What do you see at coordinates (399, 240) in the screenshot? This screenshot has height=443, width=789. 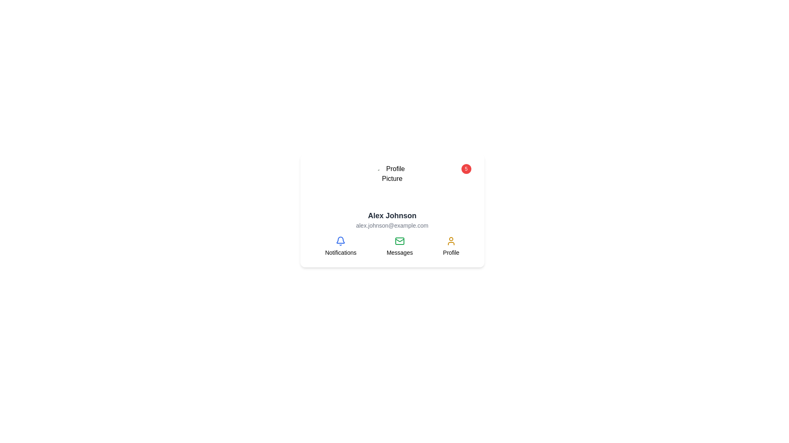 I see `the green-colored mail icon, which is located above the 'Messages' text` at bounding box center [399, 240].